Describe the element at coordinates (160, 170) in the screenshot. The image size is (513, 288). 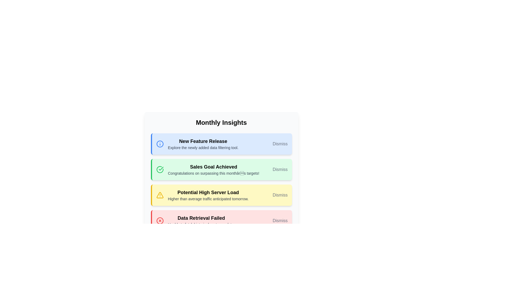
I see `circular green checkmark icon located to the left of the 'Sales Goal Achieved' text in the green-highlighted notification panel` at that location.